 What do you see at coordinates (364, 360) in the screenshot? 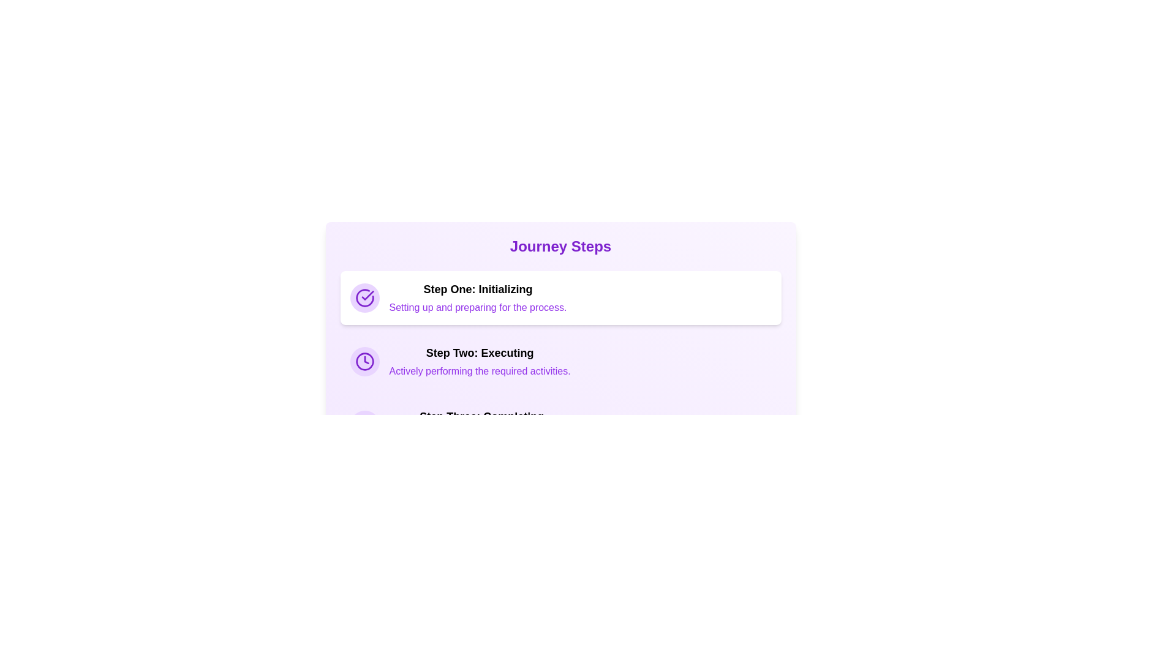
I see `the Decorative icon with a light purple background featuring a clock graphic, located in the 'Step Two: Executing' section, to the left of the step's title and description text` at bounding box center [364, 360].